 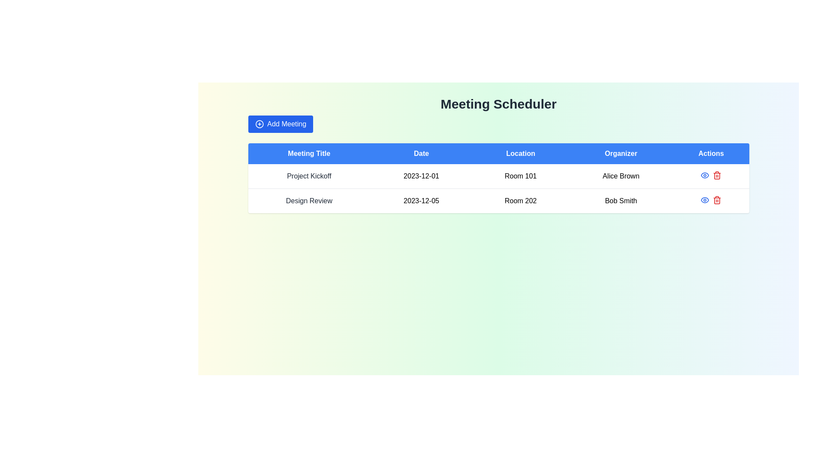 What do you see at coordinates (705, 200) in the screenshot?
I see `the viewing action icon button located in the 'Actions' column of the second row of the table, positioned to the left of a red trashcan icon` at bounding box center [705, 200].